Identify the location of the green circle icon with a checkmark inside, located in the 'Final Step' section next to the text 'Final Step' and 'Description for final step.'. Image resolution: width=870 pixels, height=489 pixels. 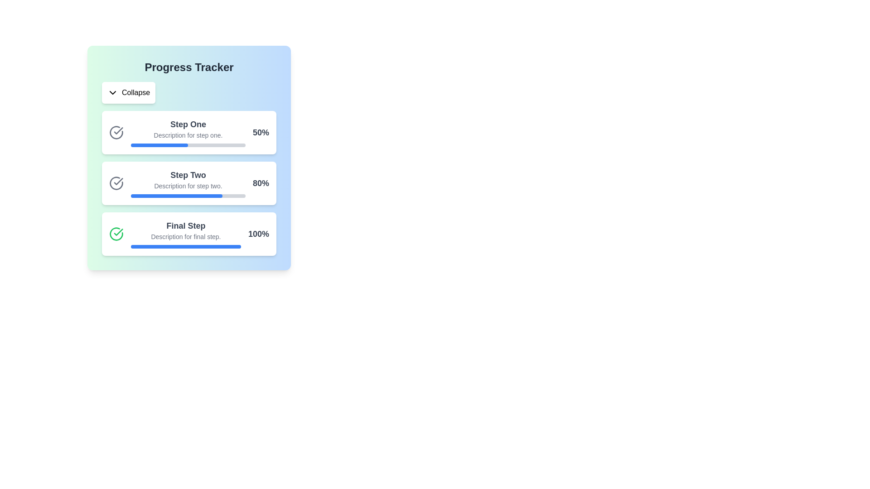
(116, 233).